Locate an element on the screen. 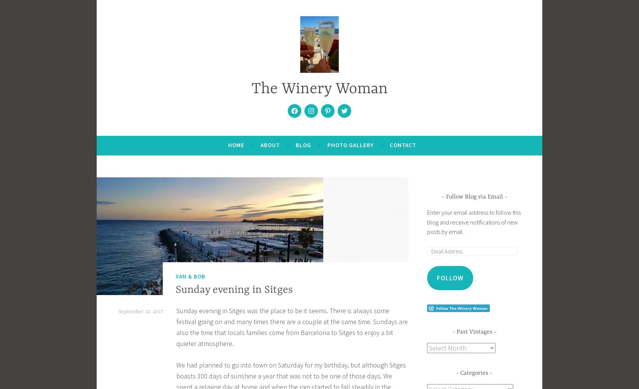 This screenshot has width=639, height=389. 'Photo Gallery' is located at coordinates (350, 144).